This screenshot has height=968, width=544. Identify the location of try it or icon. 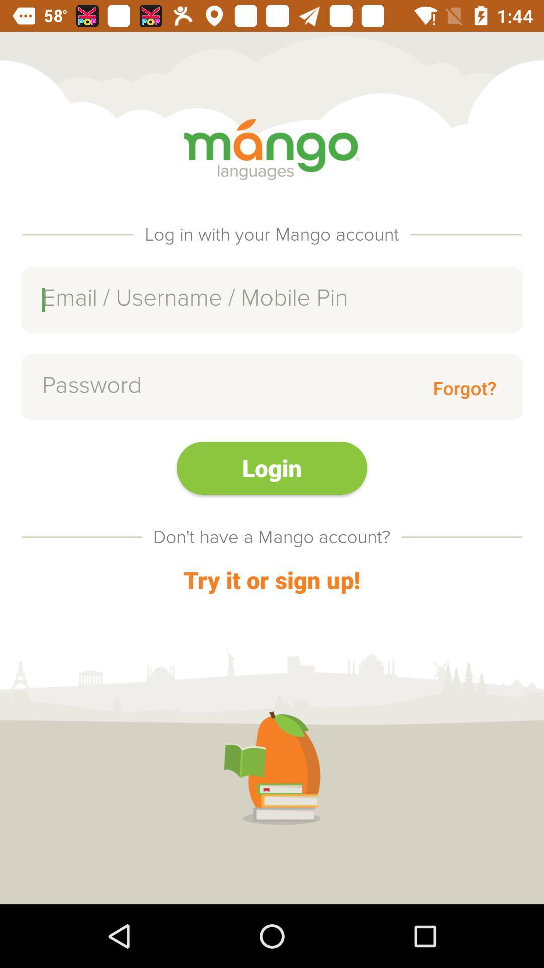
(271, 580).